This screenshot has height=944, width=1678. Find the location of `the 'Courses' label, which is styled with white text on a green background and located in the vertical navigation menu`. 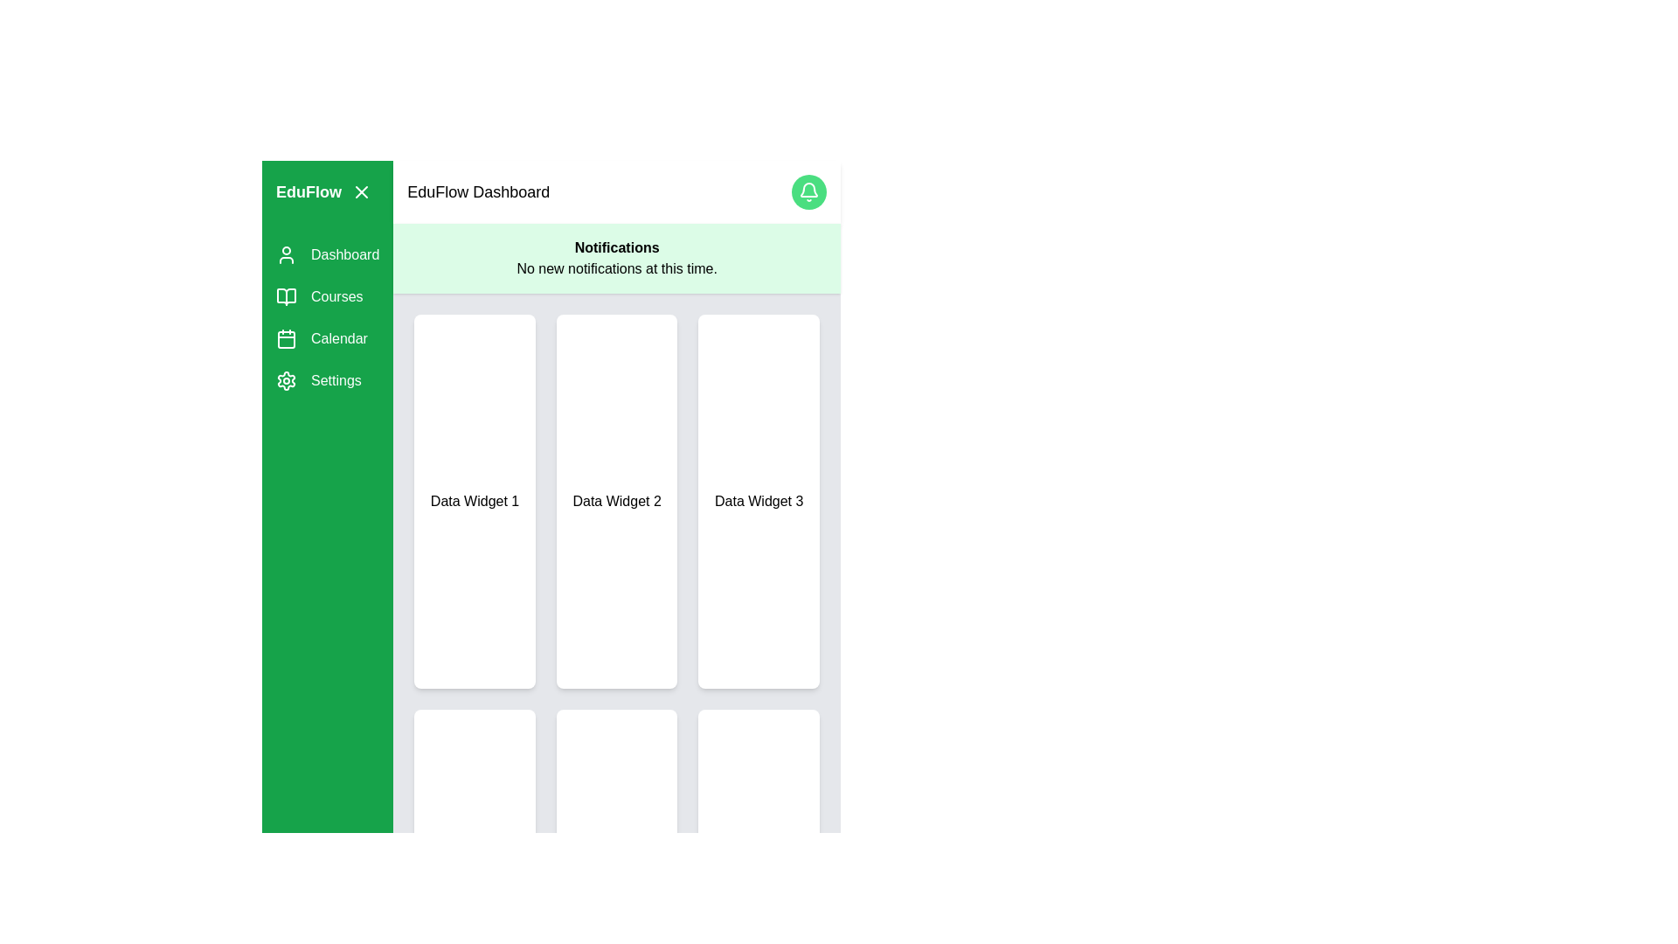

the 'Courses' label, which is styled with white text on a green background and located in the vertical navigation menu is located at coordinates (336, 295).